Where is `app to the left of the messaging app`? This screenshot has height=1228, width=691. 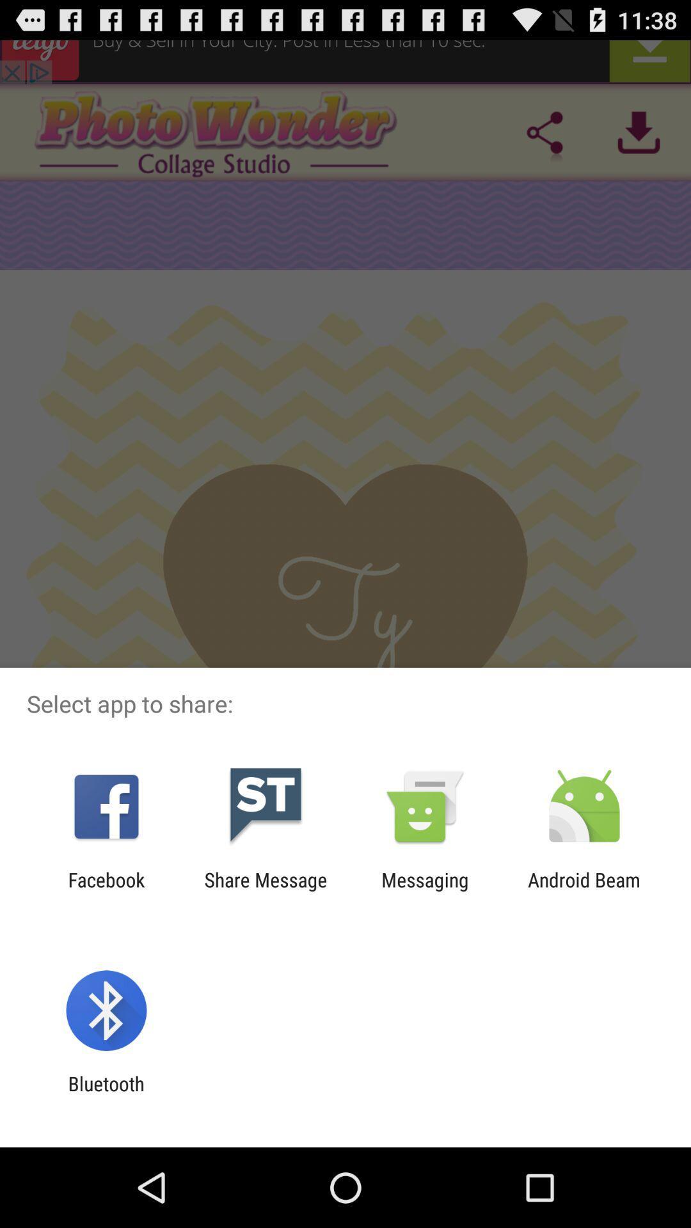
app to the left of the messaging app is located at coordinates (265, 890).